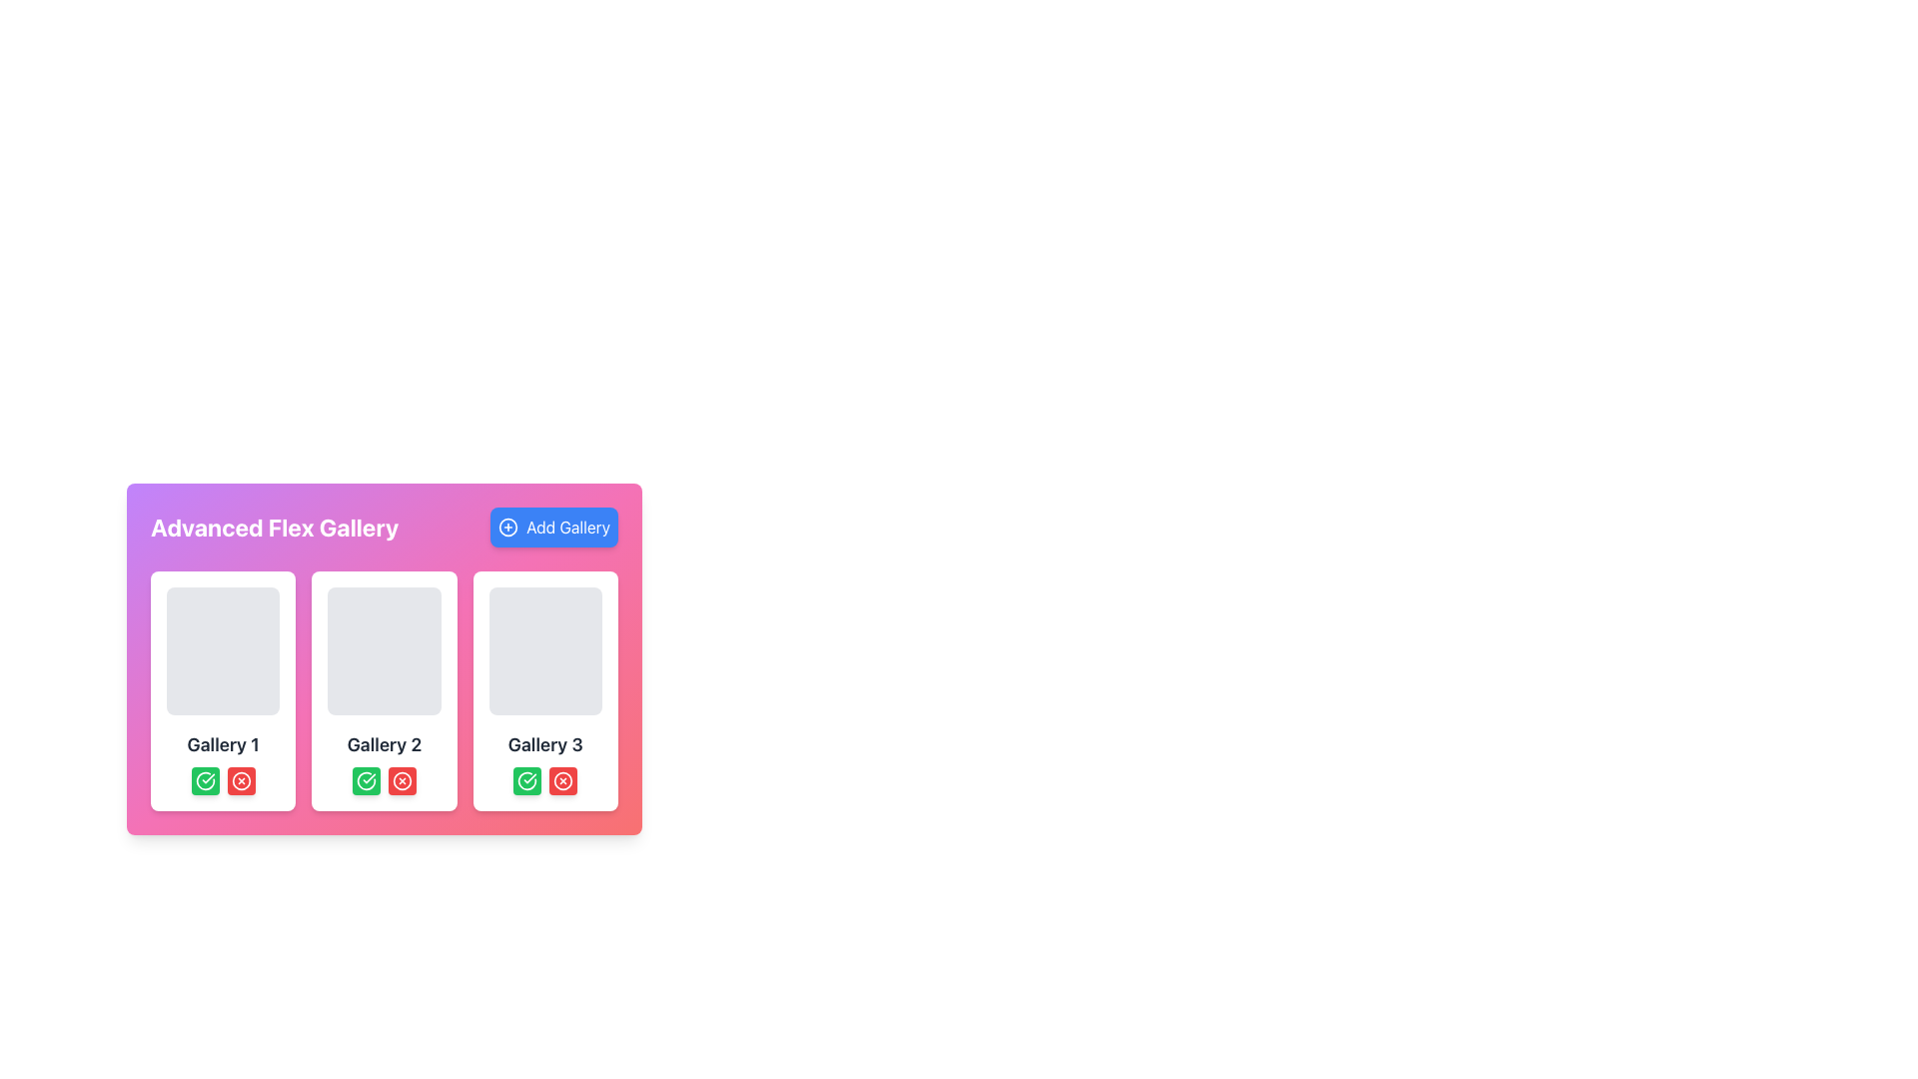 The height and width of the screenshot is (1079, 1918). Describe the element at coordinates (384, 744) in the screenshot. I see `text label 'Gallery 2' located in the second card of the grid layout, centered below the image placeholder` at that location.